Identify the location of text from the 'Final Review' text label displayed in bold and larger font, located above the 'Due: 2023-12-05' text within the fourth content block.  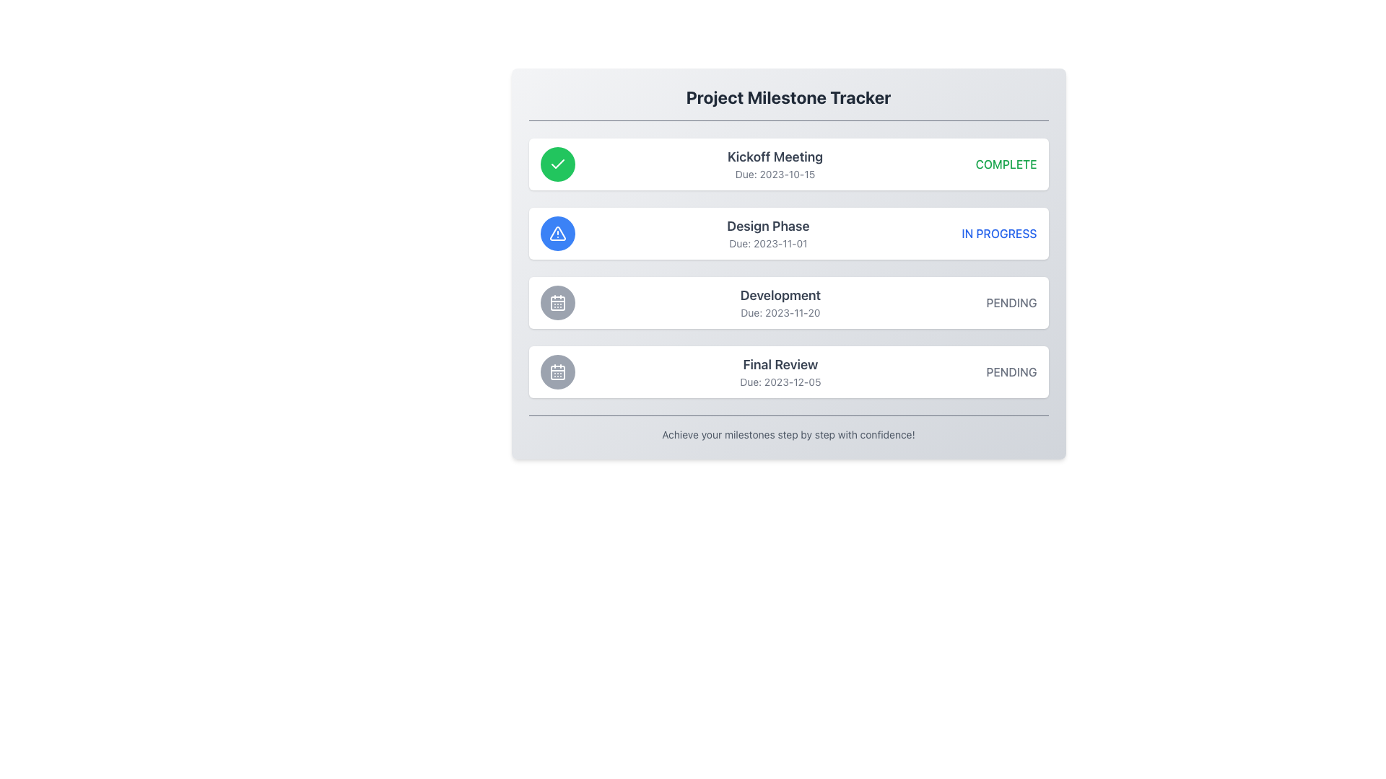
(780, 364).